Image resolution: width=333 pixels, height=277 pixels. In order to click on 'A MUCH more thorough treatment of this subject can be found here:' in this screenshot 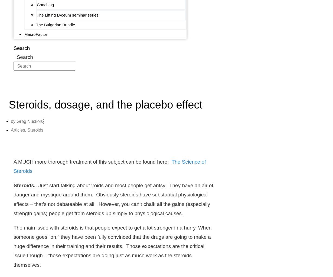, I will do `click(92, 161)`.